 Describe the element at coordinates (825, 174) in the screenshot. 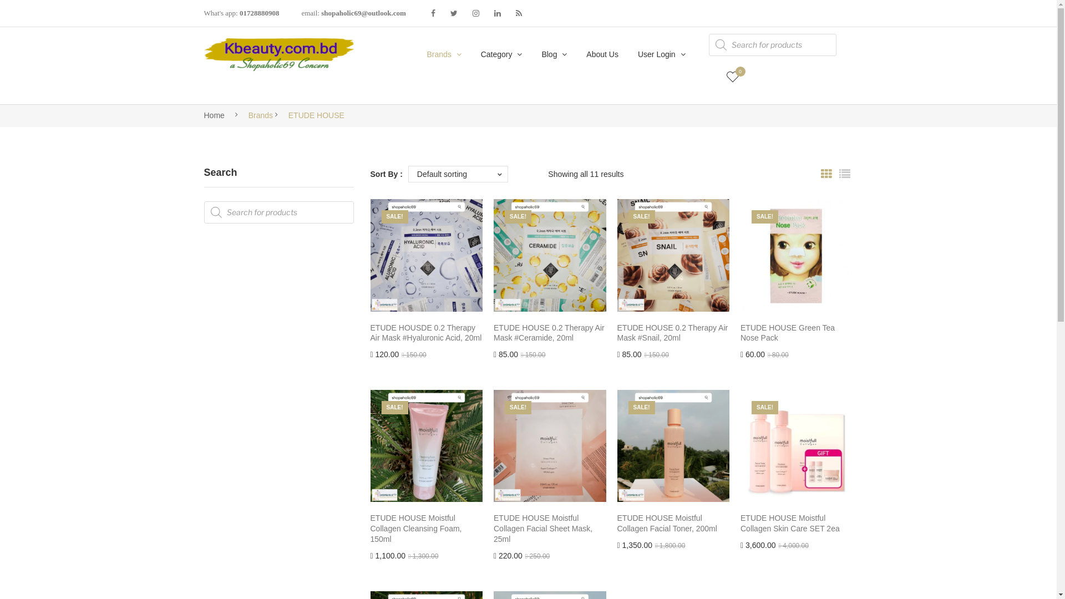

I see `'Grid'` at that location.